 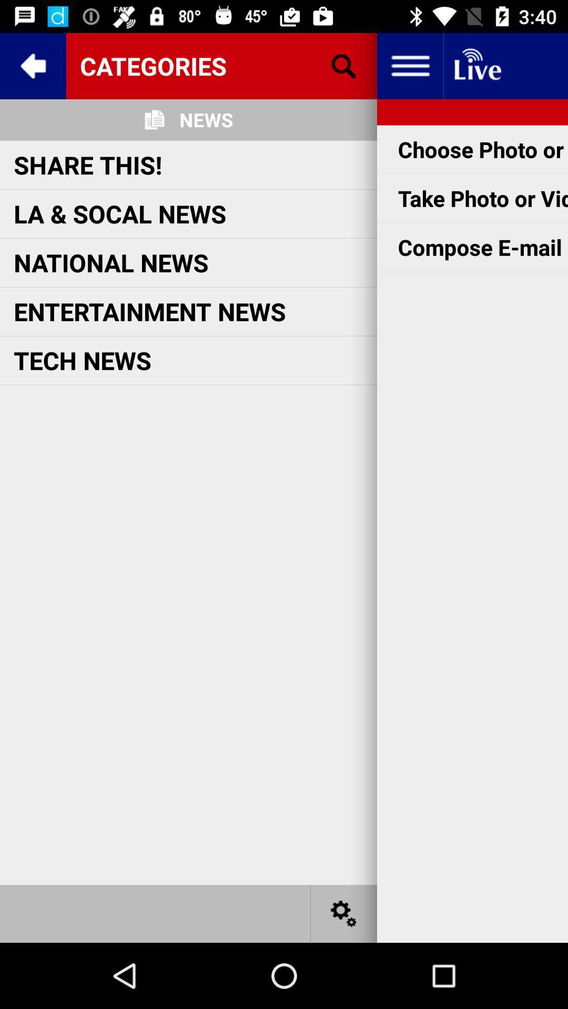 I want to click on the arrow_backward icon, so click(x=32, y=65).